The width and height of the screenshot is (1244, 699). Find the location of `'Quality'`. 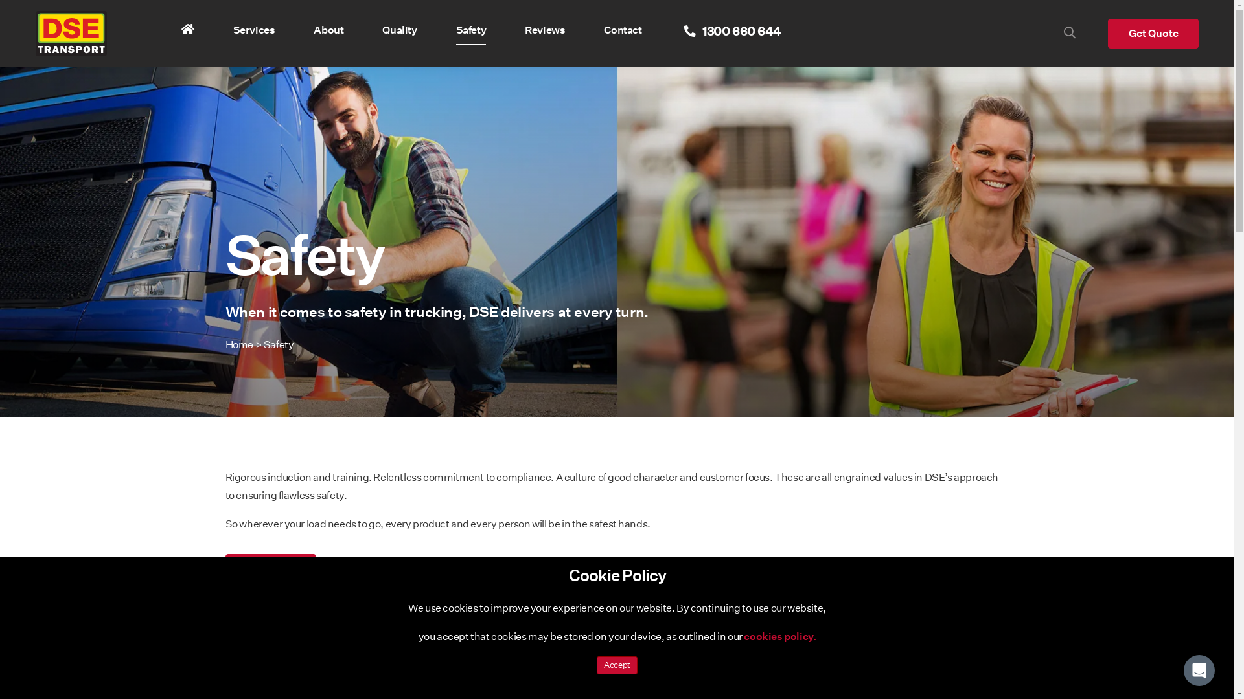

'Quality' is located at coordinates (398, 29).